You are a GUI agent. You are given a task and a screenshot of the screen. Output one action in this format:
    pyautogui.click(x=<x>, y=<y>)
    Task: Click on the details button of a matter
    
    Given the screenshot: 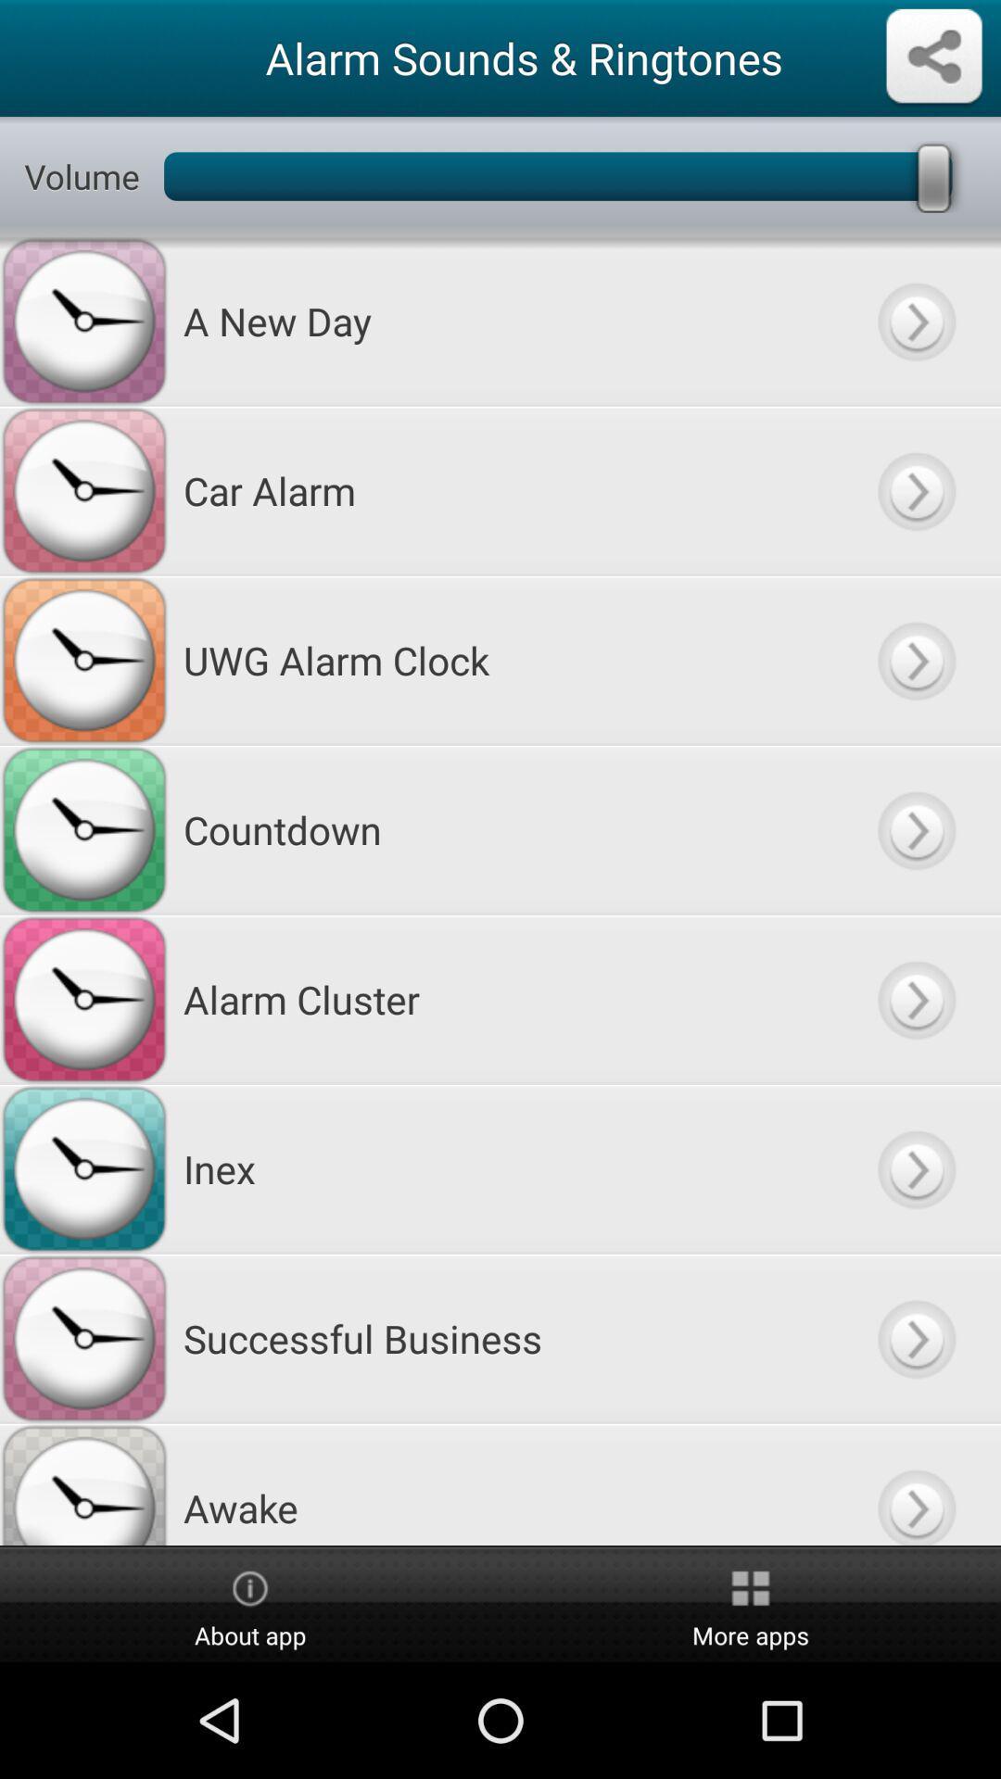 What is the action you would take?
    pyautogui.click(x=915, y=321)
    